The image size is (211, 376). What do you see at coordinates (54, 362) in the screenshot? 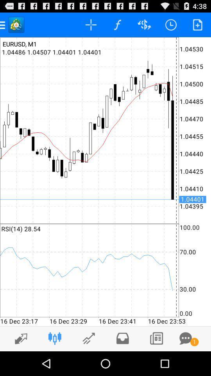
I see `the sliders icon` at bounding box center [54, 362].